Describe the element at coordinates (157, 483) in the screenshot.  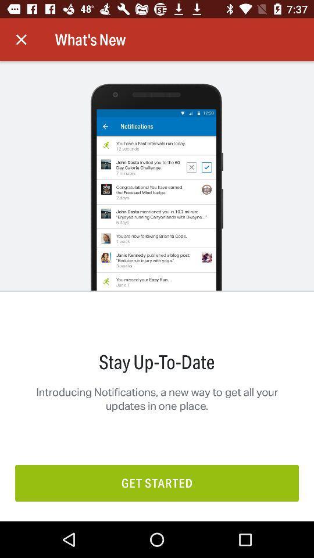
I see `get started item` at that location.